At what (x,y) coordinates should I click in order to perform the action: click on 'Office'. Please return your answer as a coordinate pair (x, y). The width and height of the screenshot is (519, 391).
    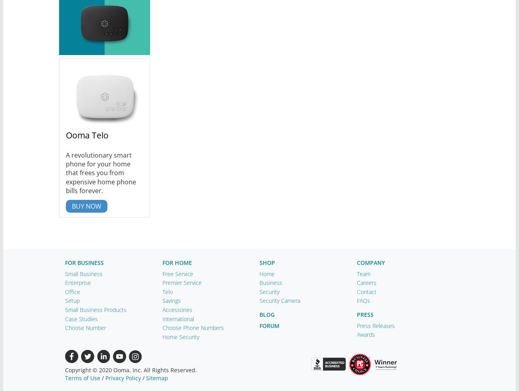
    Looking at the image, I should click on (73, 291).